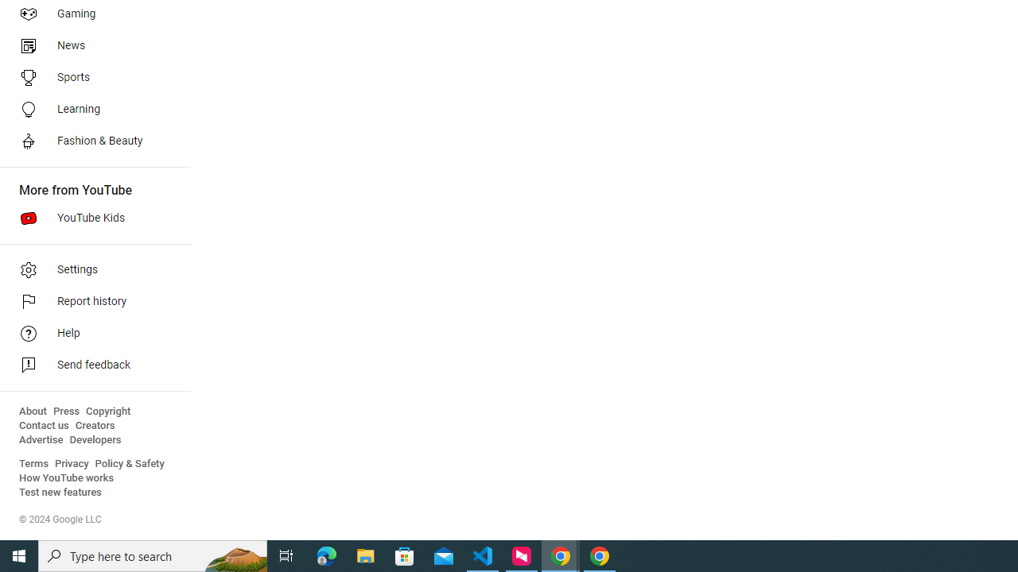 The height and width of the screenshot is (572, 1018). What do you see at coordinates (44, 425) in the screenshot?
I see `'Contact us'` at bounding box center [44, 425].